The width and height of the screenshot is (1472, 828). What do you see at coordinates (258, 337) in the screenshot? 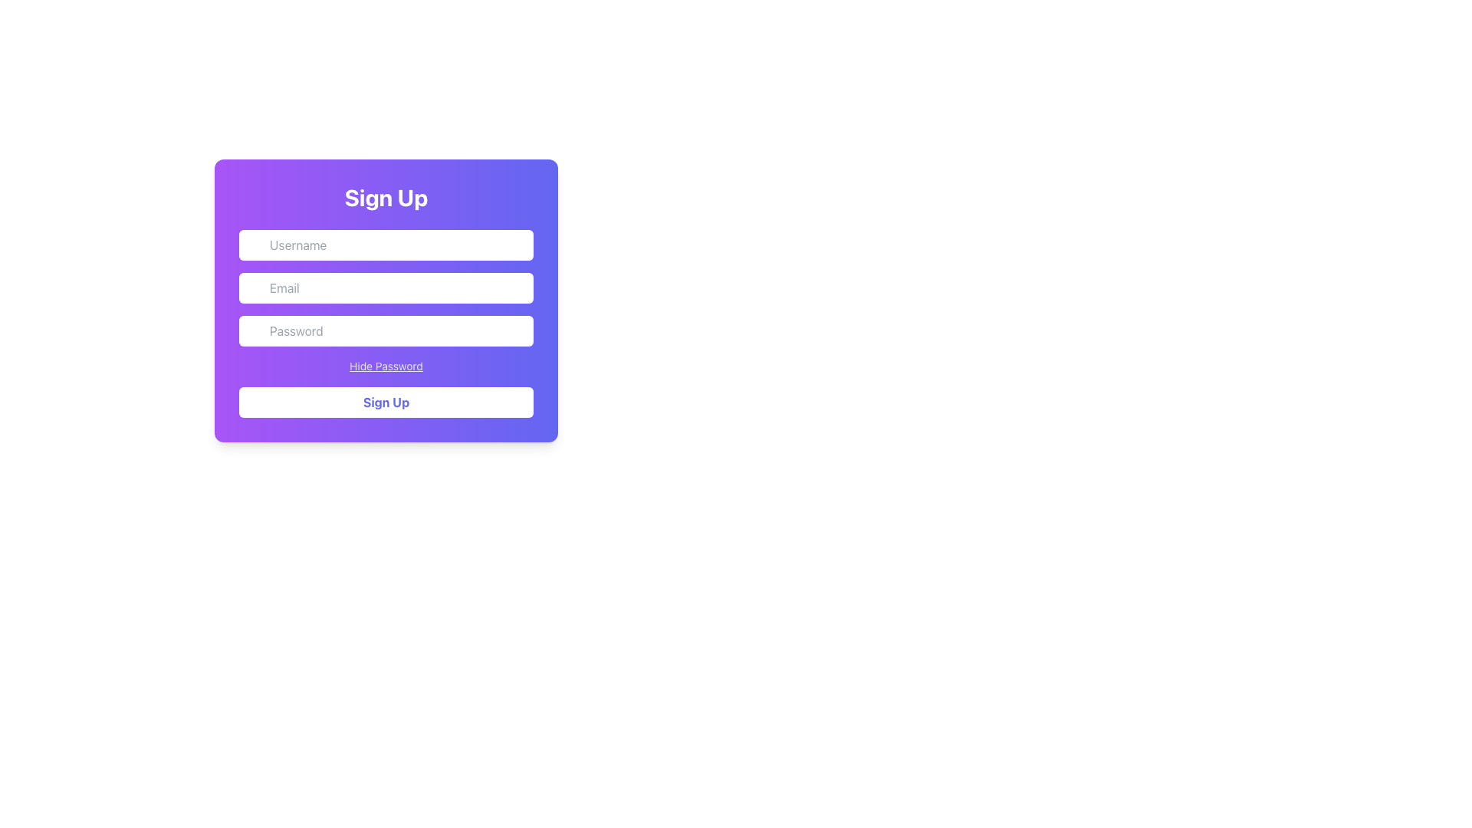
I see `the small rectangular block with rounded corners that represents the body of the lock icon, located below the 'Password' text field` at bounding box center [258, 337].